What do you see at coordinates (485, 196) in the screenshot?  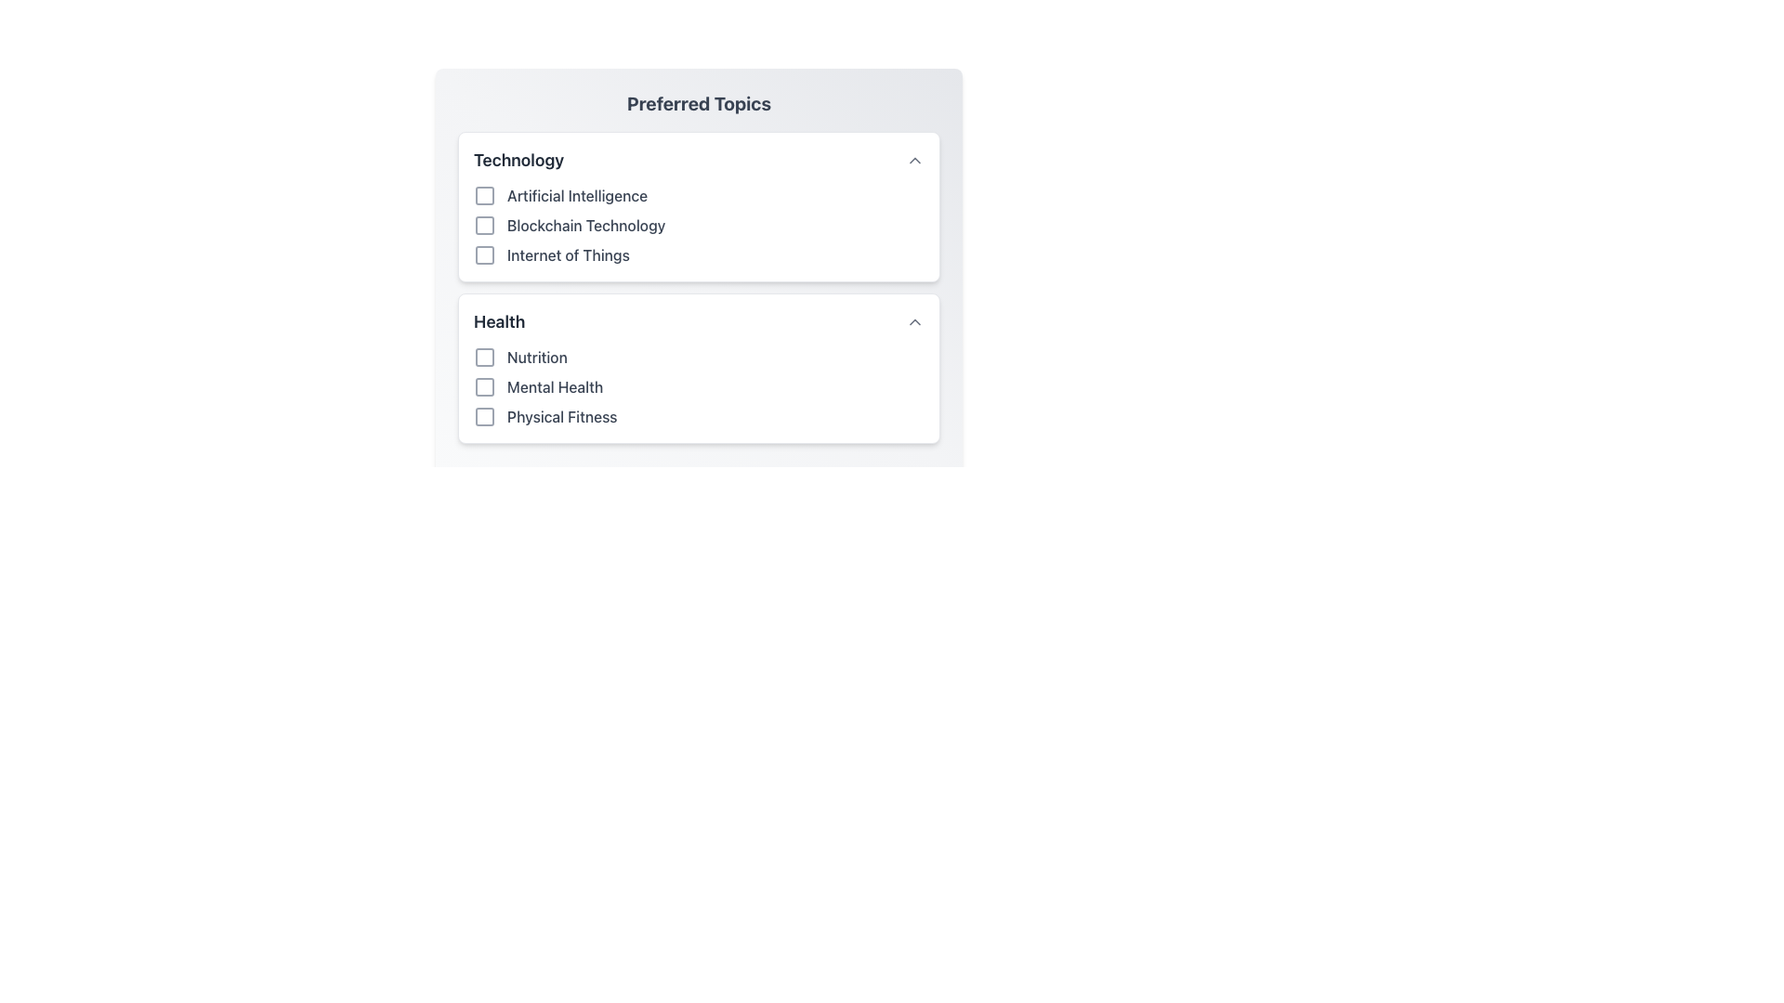 I see `the unselected gray checkbox located in the Technology section next to the Artificial Intelligence label` at bounding box center [485, 196].